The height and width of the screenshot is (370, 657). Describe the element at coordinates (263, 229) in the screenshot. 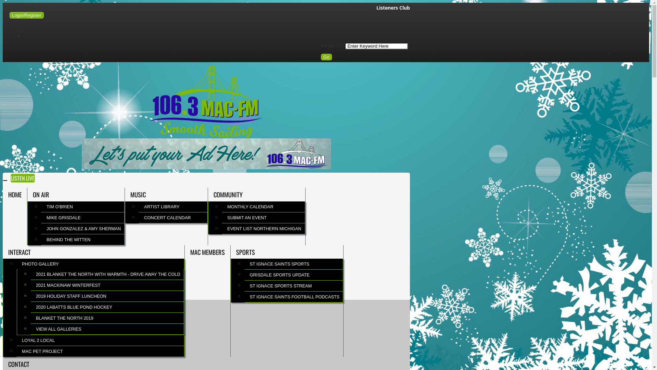

I see `'EVENT LIST NORTHERN MICHIGAN'` at that location.